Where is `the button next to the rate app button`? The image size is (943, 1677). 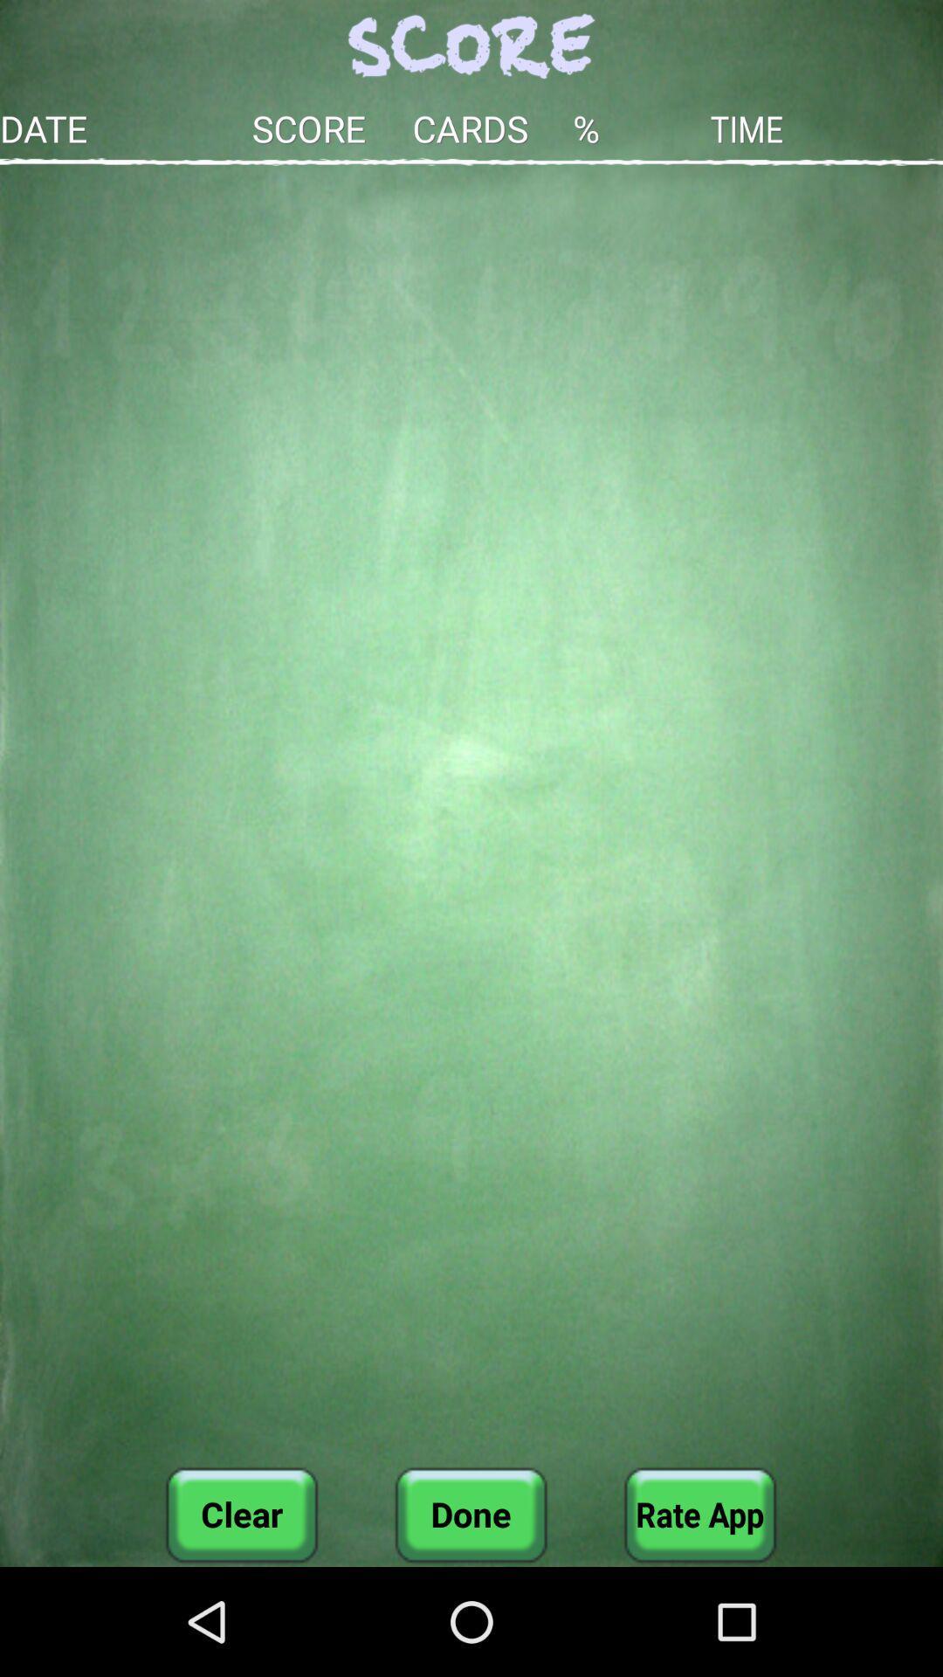
the button next to the rate app button is located at coordinates (470, 1514).